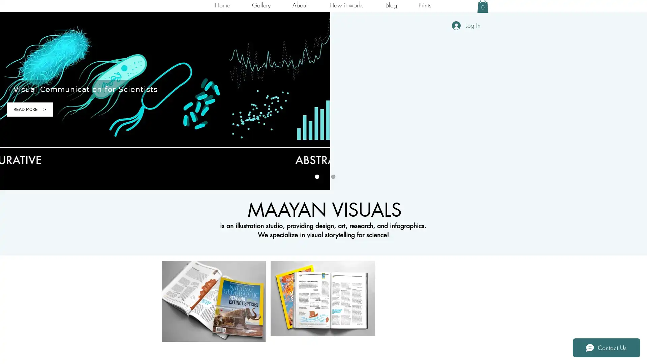 The height and width of the screenshot is (364, 647). What do you see at coordinates (322, 298) in the screenshot?
I see `Editorial Illustration` at bounding box center [322, 298].